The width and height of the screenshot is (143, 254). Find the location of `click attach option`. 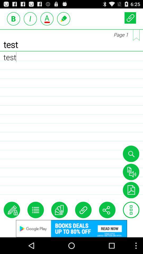

click attach option is located at coordinates (83, 210).